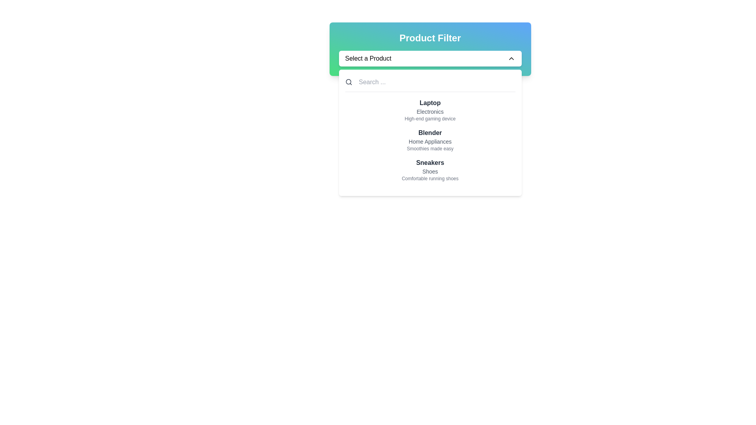 The height and width of the screenshot is (425, 756). I want to click on the 'Blender' dropdown menu item to trigger its hover effect, which consists of a bold title, a smaller description, and supporting detail, located in a scrollable dropdown menu, so click(430, 139).